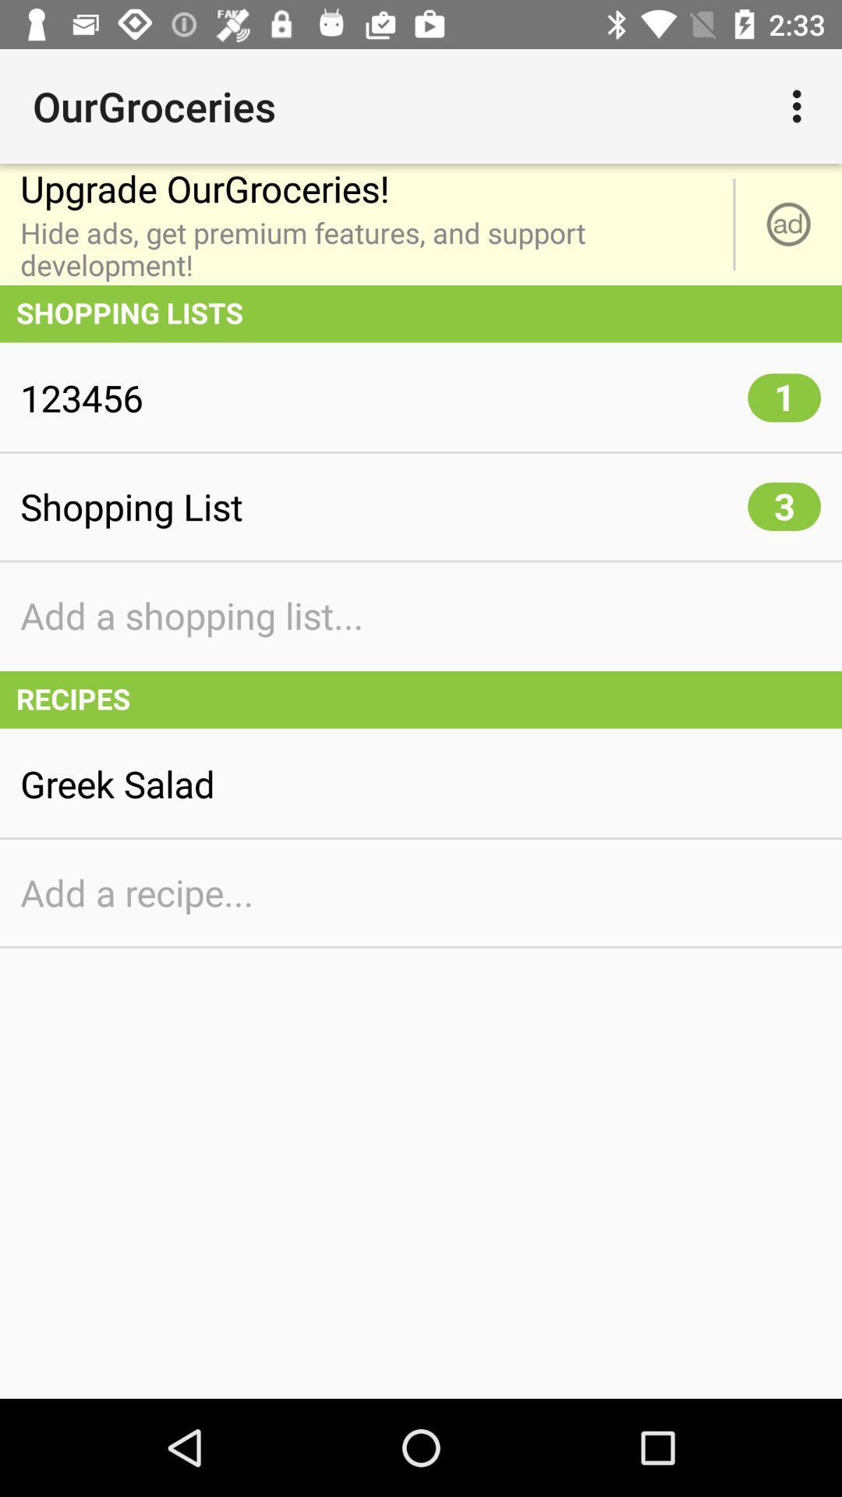 Image resolution: width=842 pixels, height=1497 pixels. What do you see at coordinates (788, 224) in the screenshot?
I see `item next to upgrade ourgroceries! icon` at bounding box center [788, 224].